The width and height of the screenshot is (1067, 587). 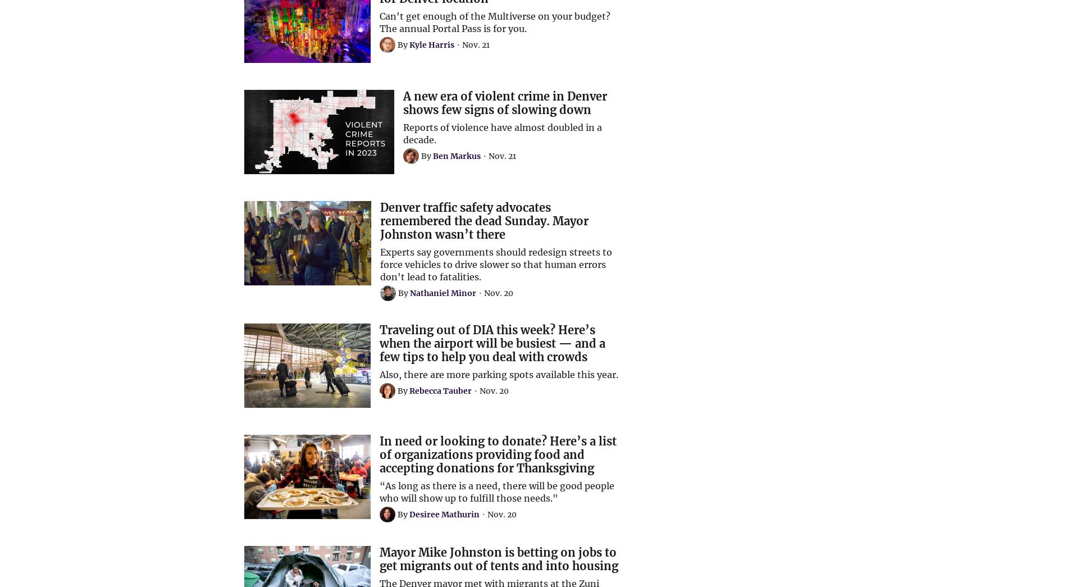 I want to click on 'Denver traffic safety advocates remembered the dead Sunday. Mayor Johnston wasn’t there', so click(x=380, y=220).